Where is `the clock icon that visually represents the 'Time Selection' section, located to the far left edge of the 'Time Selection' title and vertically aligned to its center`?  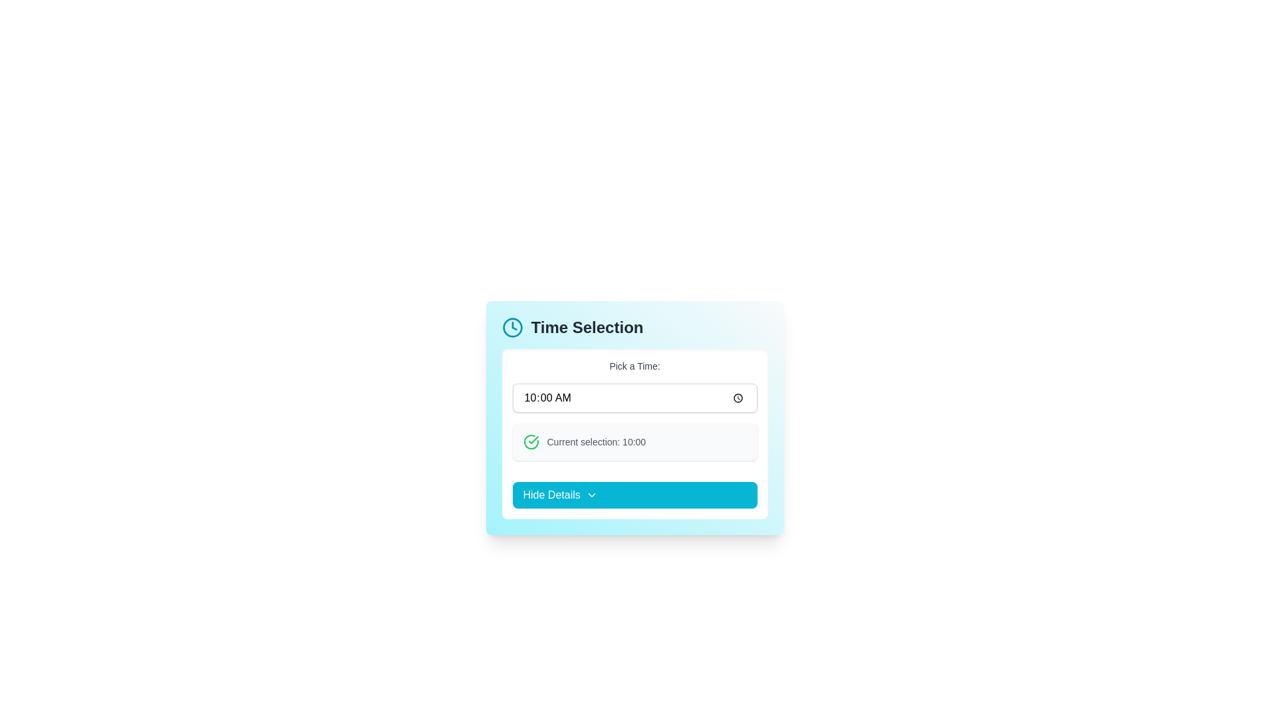
the clock icon that visually represents the 'Time Selection' section, located to the far left edge of the 'Time Selection' title and vertically aligned to its center is located at coordinates (511, 328).